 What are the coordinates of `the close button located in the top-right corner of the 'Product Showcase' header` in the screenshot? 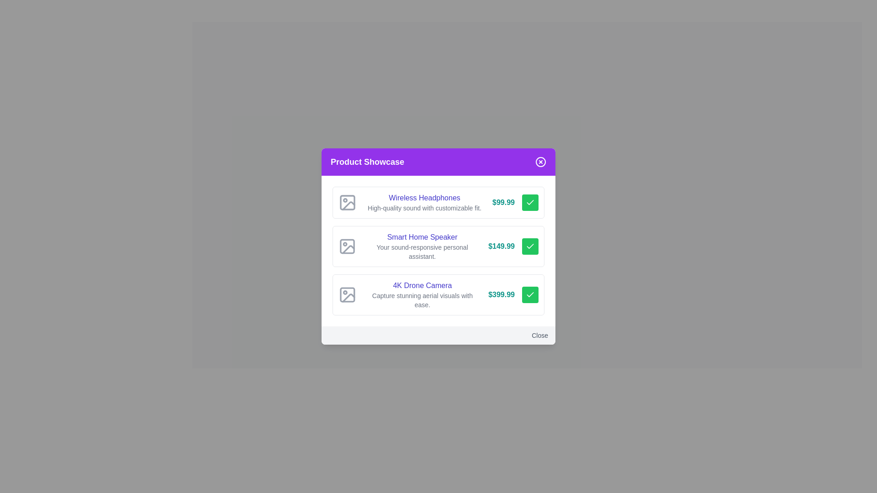 It's located at (541, 161).